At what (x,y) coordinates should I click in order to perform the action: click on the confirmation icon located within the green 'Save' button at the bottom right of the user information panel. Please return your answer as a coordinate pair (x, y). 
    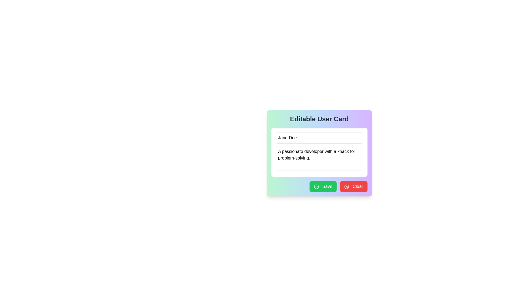
    Looking at the image, I should click on (316, 186).